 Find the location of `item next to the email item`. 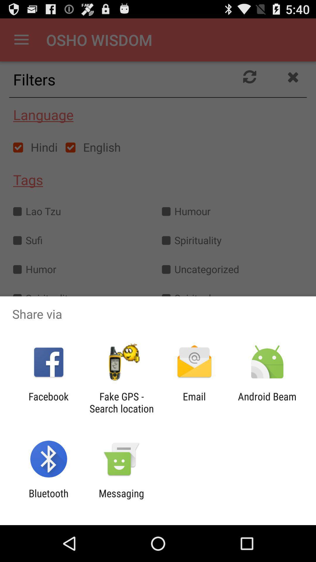

item next to the email item is located at coordinates (121, 402).